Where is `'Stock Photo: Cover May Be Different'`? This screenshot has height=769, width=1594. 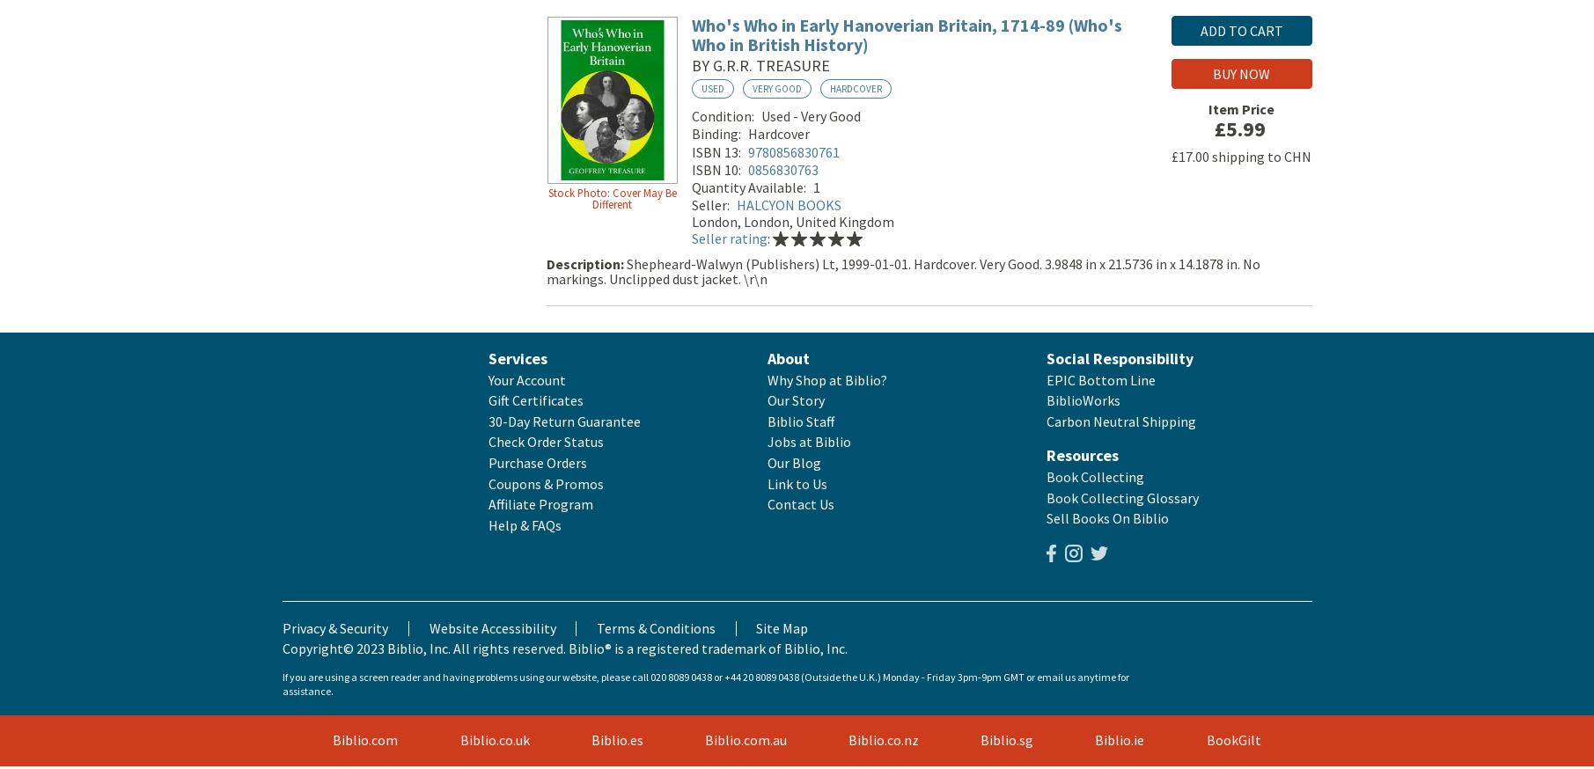 'Stock Photo: Cover May Be Different' is located at coordinates (612, 201).